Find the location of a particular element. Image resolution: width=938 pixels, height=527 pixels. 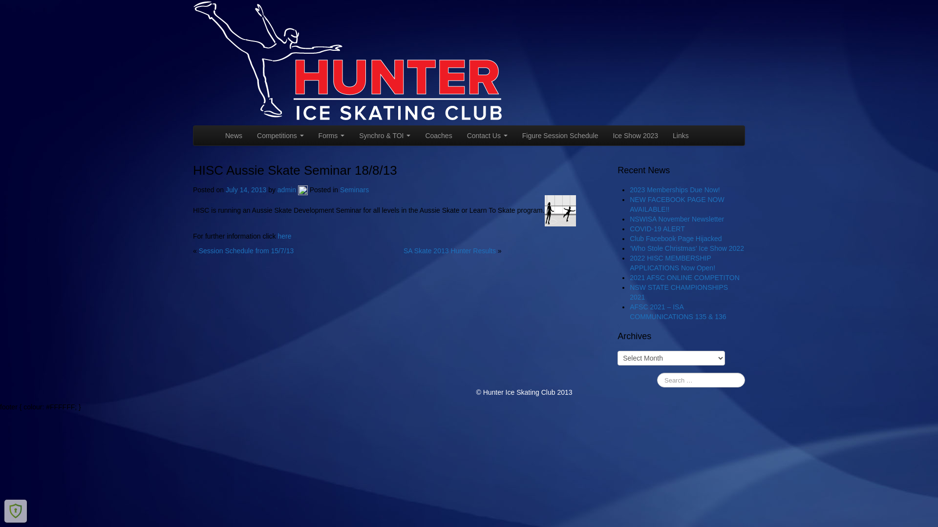

'ShieldPRO' is located at coordinates (16, 510).